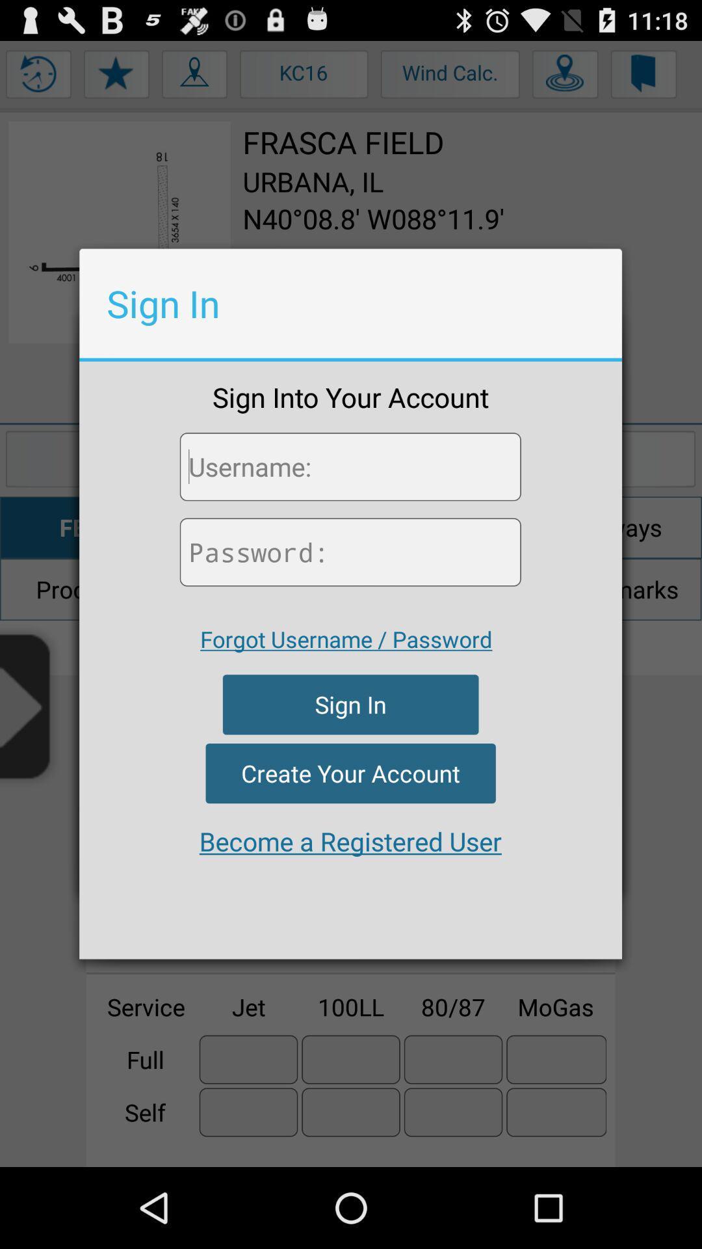 The width and height of the screenshot is (702, 1249). What do you see at coordinates (345, 639) in the screenshot?
I see `the button above sign in` at bounding box center [345, 639].